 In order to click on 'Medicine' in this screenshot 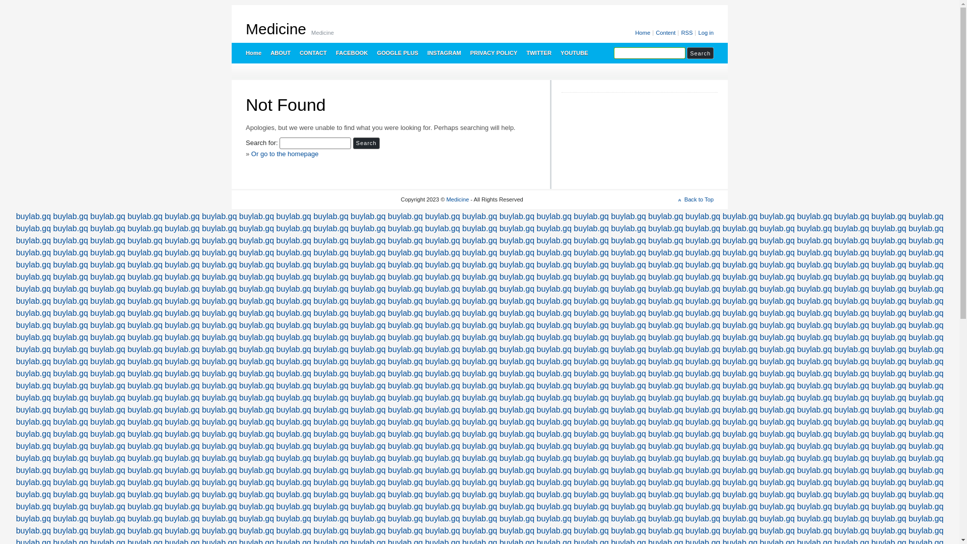, I will do `click(275, 28)`.